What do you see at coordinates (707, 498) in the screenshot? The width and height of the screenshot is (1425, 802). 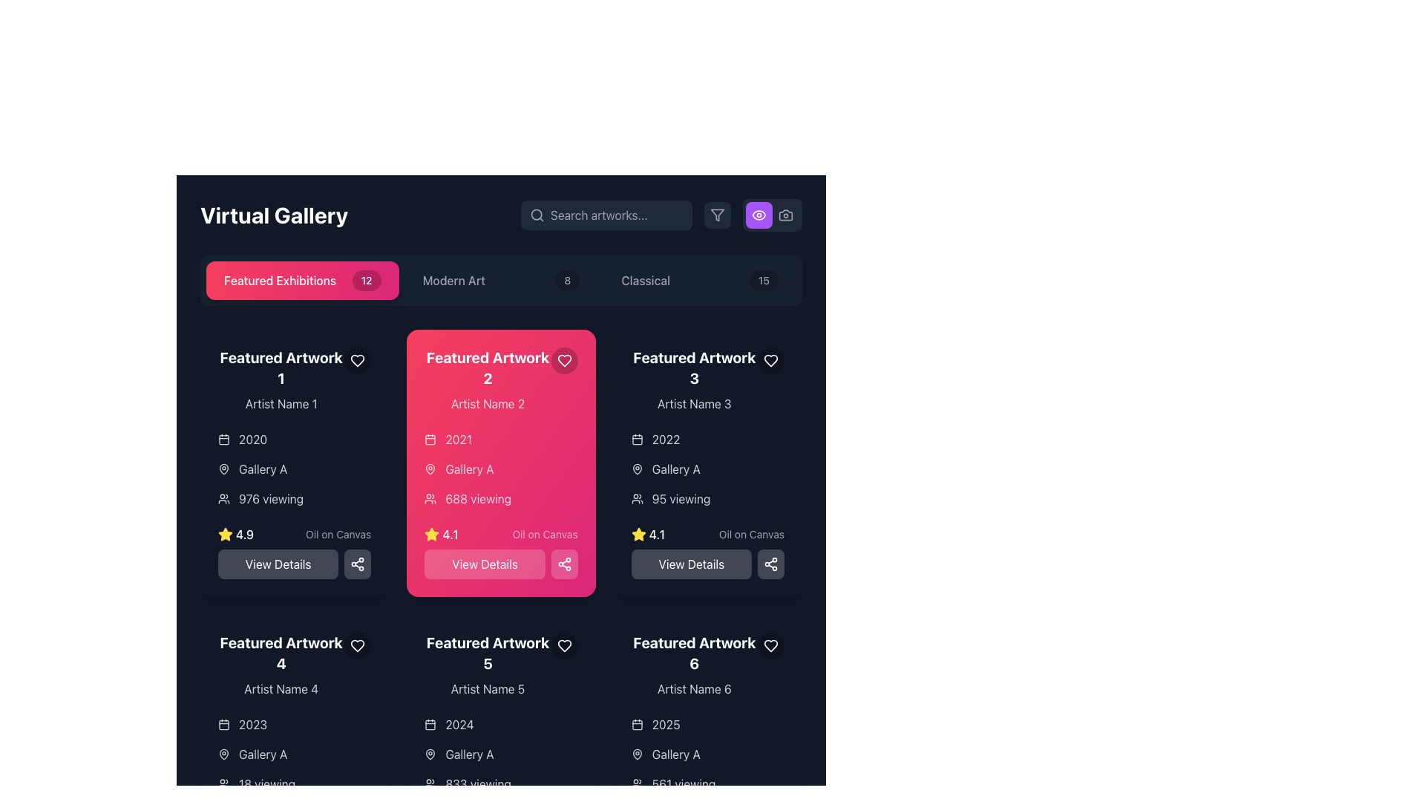 I see `the icon accompanying the viewer count text label located in the 'Featured Artwork 3' section, below the 'Gallery A' label` at bounding box center [707, 498].